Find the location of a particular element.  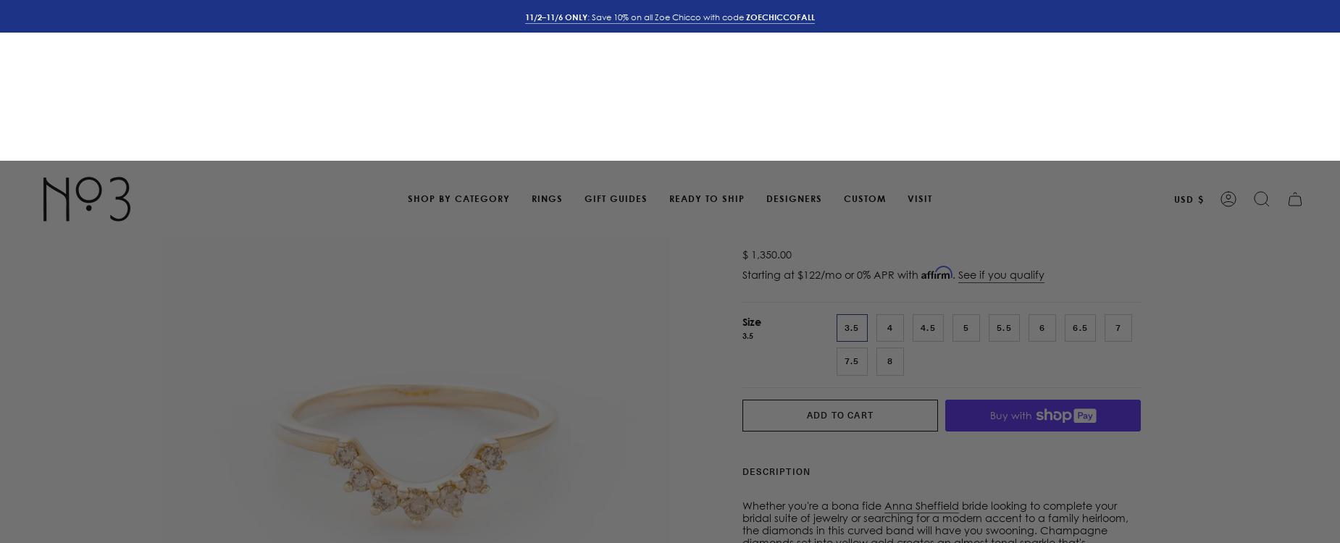

'See if you qualify' is located at coordinates (1000, 114).